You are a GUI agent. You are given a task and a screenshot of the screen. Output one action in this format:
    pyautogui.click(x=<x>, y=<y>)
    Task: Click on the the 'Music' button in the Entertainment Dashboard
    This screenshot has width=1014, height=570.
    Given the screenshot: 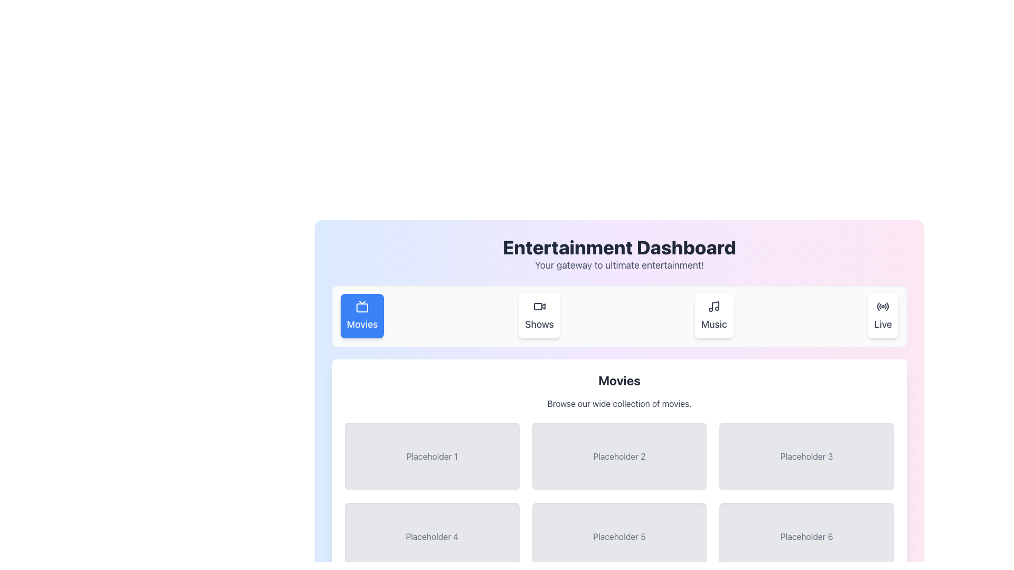 What is the action you would take?
    pyautogui.click(x=714, y=315)
    